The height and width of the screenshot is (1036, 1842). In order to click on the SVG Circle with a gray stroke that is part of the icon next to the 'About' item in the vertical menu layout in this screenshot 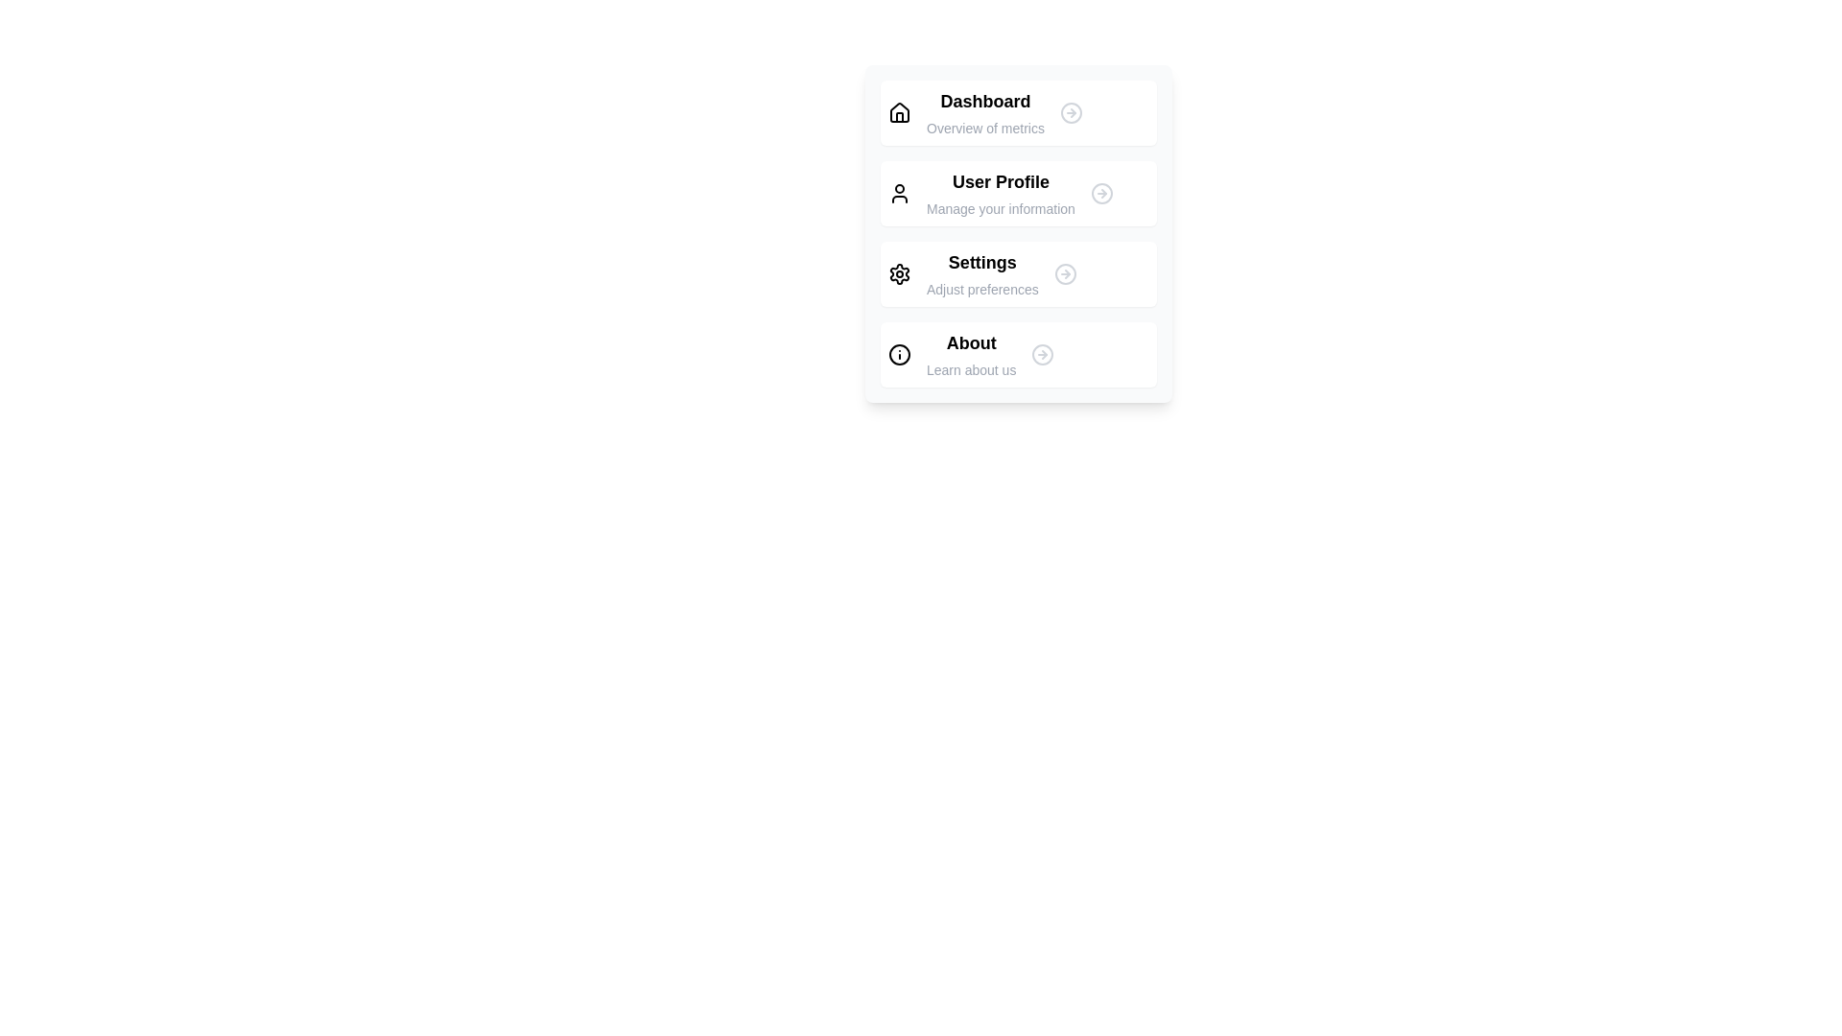, I will do `click(1042, 355)`.